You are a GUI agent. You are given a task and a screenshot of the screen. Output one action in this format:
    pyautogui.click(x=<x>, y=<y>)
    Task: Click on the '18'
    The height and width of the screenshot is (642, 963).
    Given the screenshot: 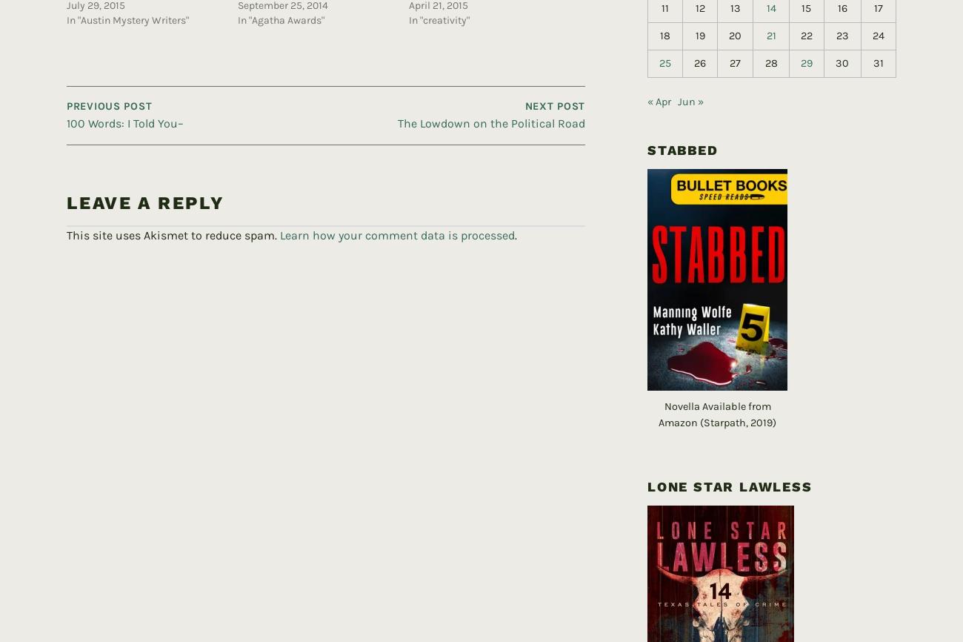 What is the action you would take?
    pyautogui.click(x=664, y=12)
    